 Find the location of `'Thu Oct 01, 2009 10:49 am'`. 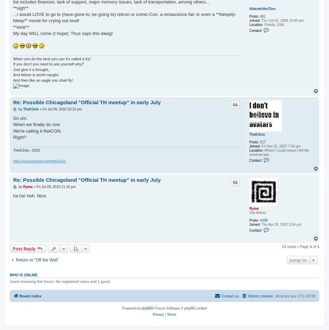

'Thu Oct 01, 2009 10:49 am' is located at coordinates (281, 20).